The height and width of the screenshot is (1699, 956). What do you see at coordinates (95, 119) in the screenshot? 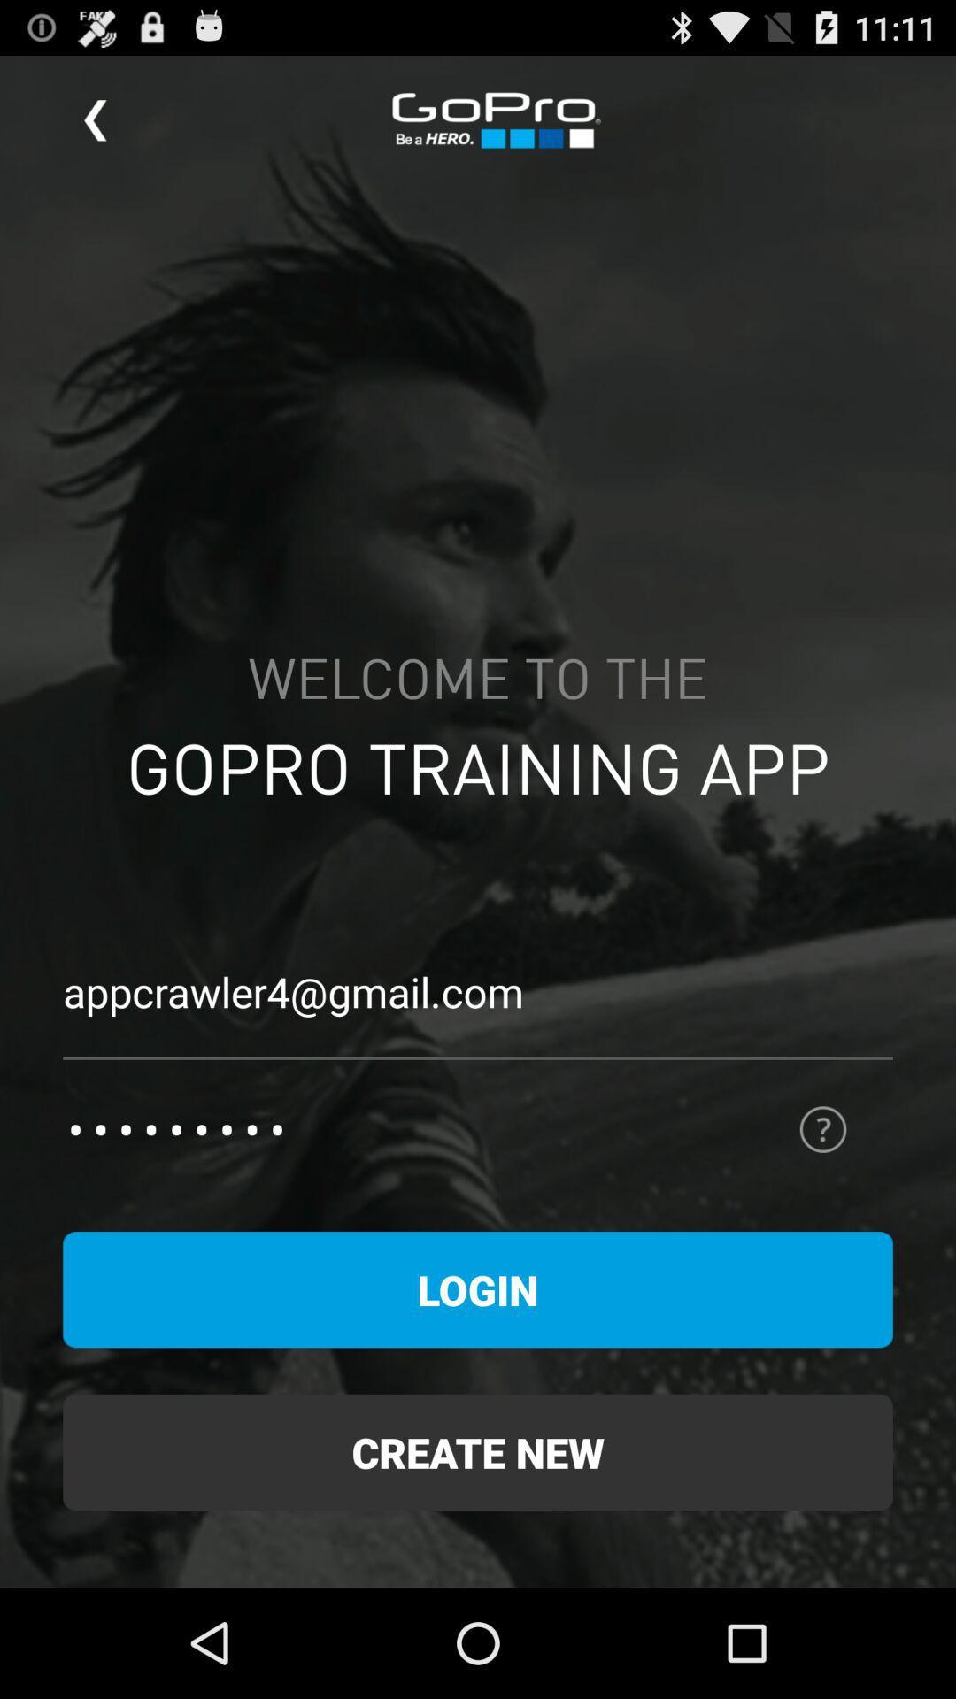
I see `go back` at bounding box center [95, 119].